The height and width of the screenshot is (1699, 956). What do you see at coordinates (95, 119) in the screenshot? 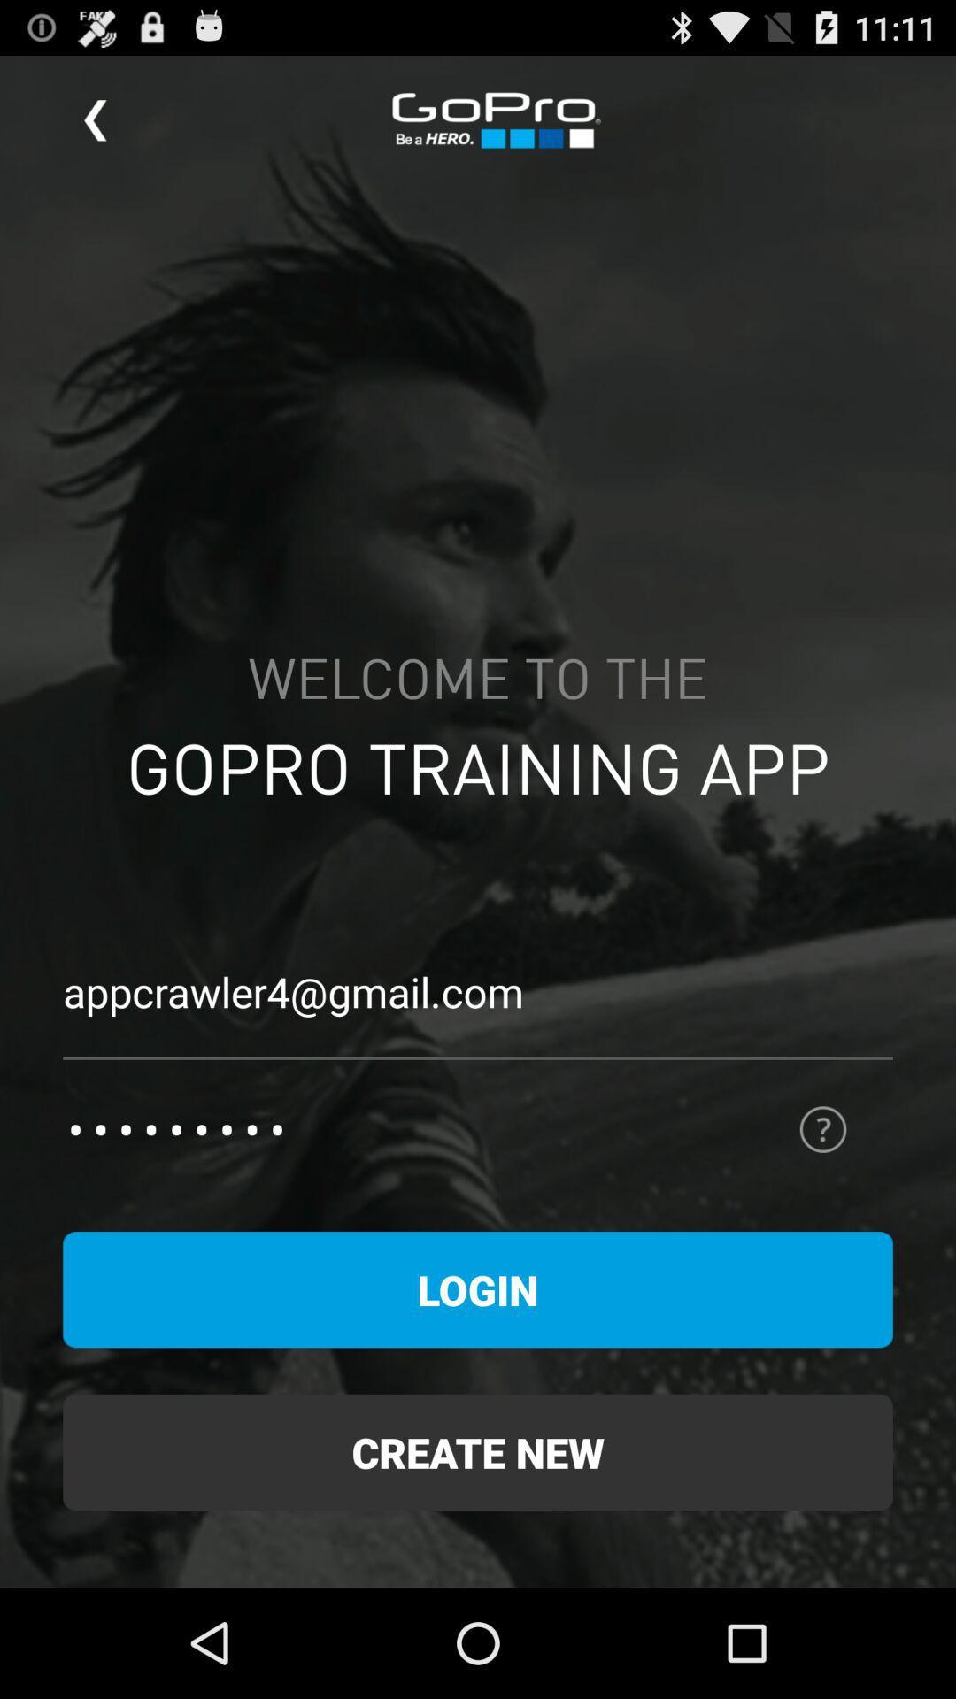
I see `go back` at bounding box center [95, 119].